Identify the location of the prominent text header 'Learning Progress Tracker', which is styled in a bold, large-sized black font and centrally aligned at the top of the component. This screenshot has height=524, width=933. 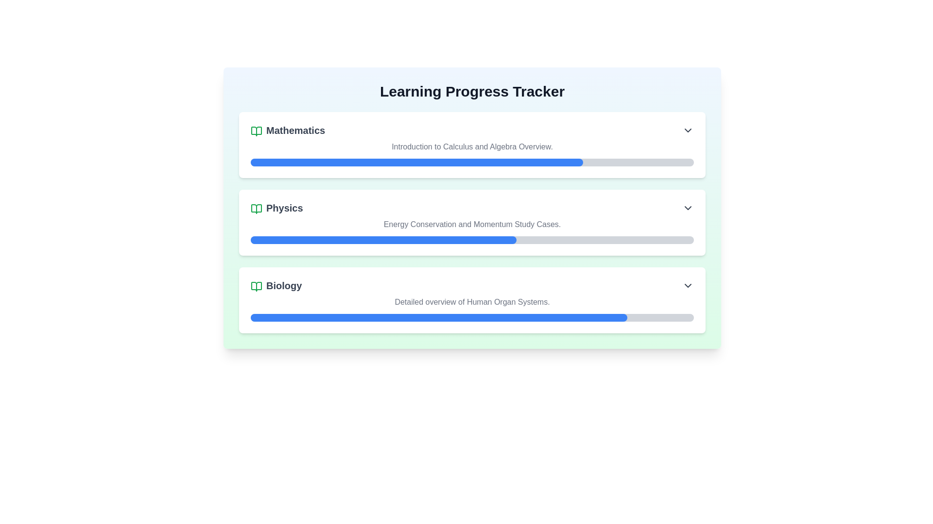
(472, 92).